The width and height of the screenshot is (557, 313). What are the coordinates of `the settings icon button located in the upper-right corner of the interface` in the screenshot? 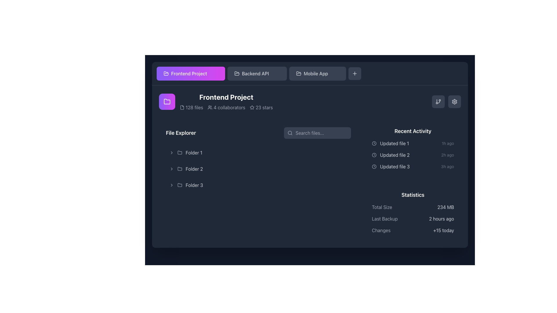 It's located at (454, 101).